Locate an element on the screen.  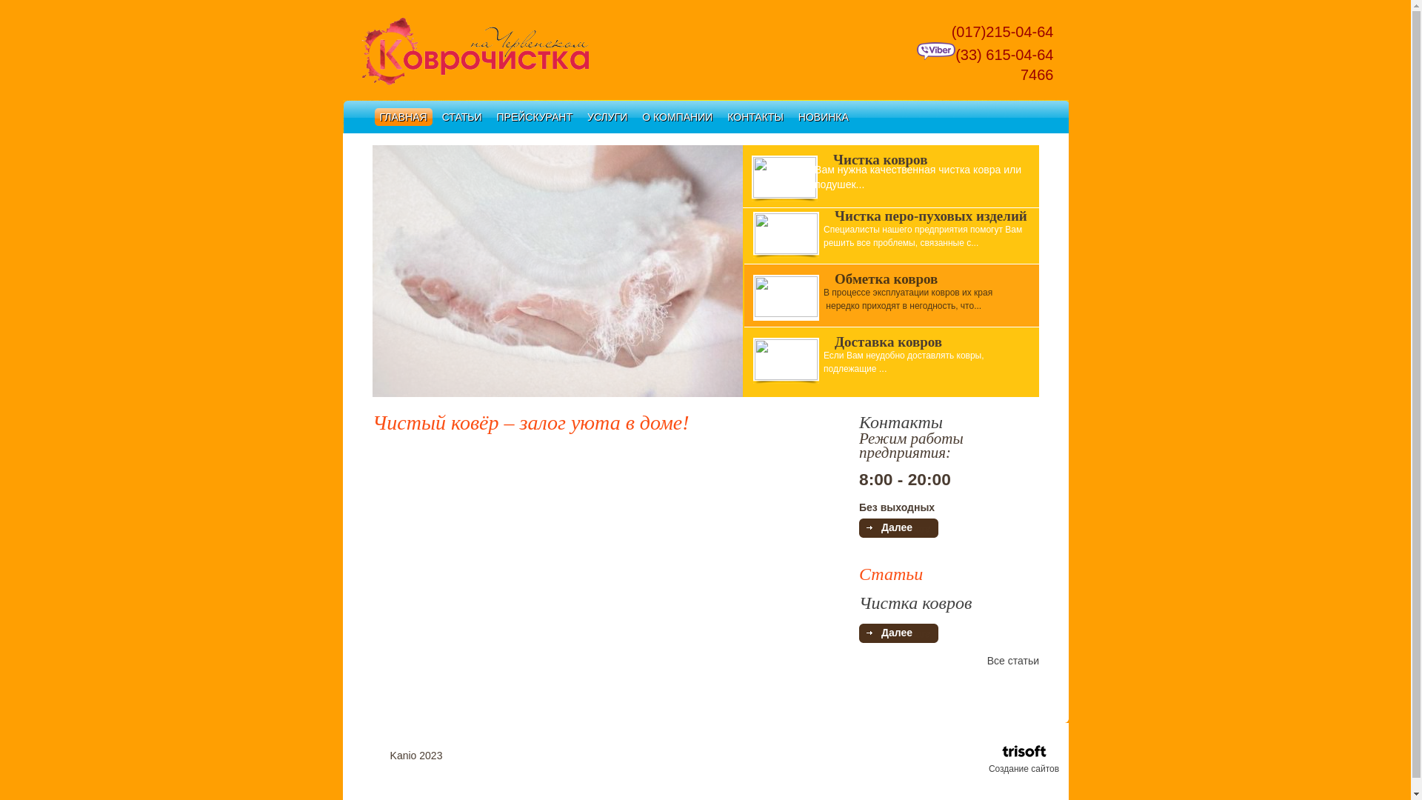
'(017)215-04-64' is located at coordinates (996, 31).